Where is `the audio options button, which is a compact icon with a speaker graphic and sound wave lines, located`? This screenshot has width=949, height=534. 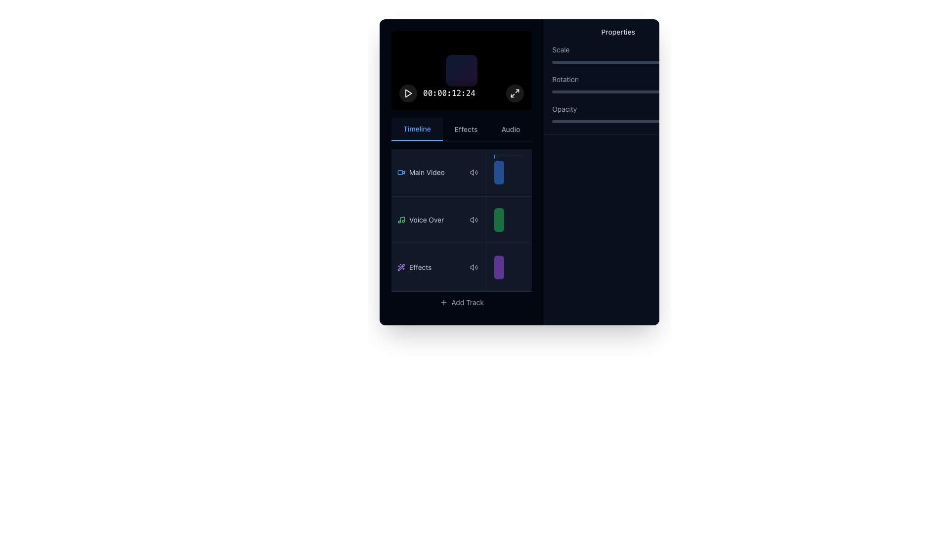
the audio options button, which is a compact icon with a speaker graphic and sound wave lines, located is located at coordinates (474, 172).